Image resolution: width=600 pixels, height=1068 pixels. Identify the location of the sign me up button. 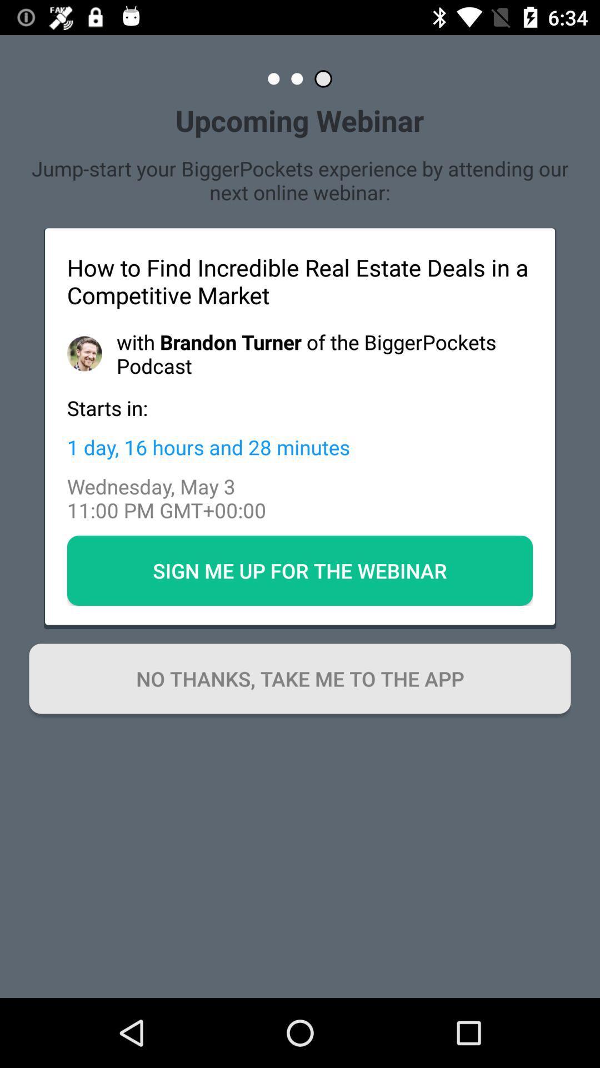
(300, 571).